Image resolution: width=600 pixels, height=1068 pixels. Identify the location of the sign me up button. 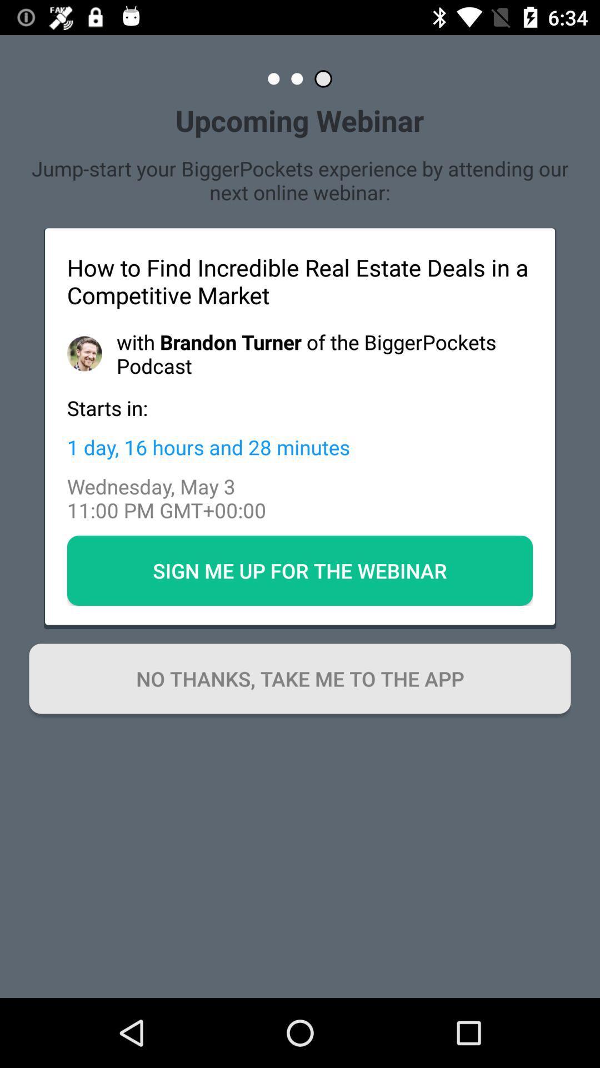
(300, 571).